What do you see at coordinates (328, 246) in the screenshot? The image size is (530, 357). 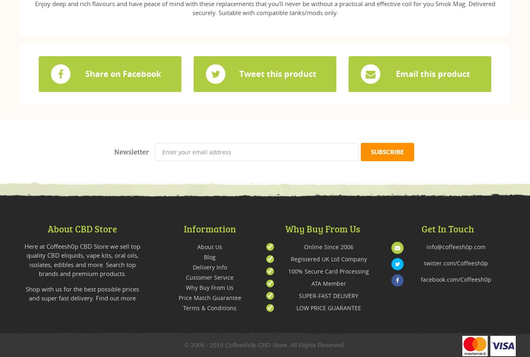 I see `'Online Since 2006'` at bounding box center [328, 246].